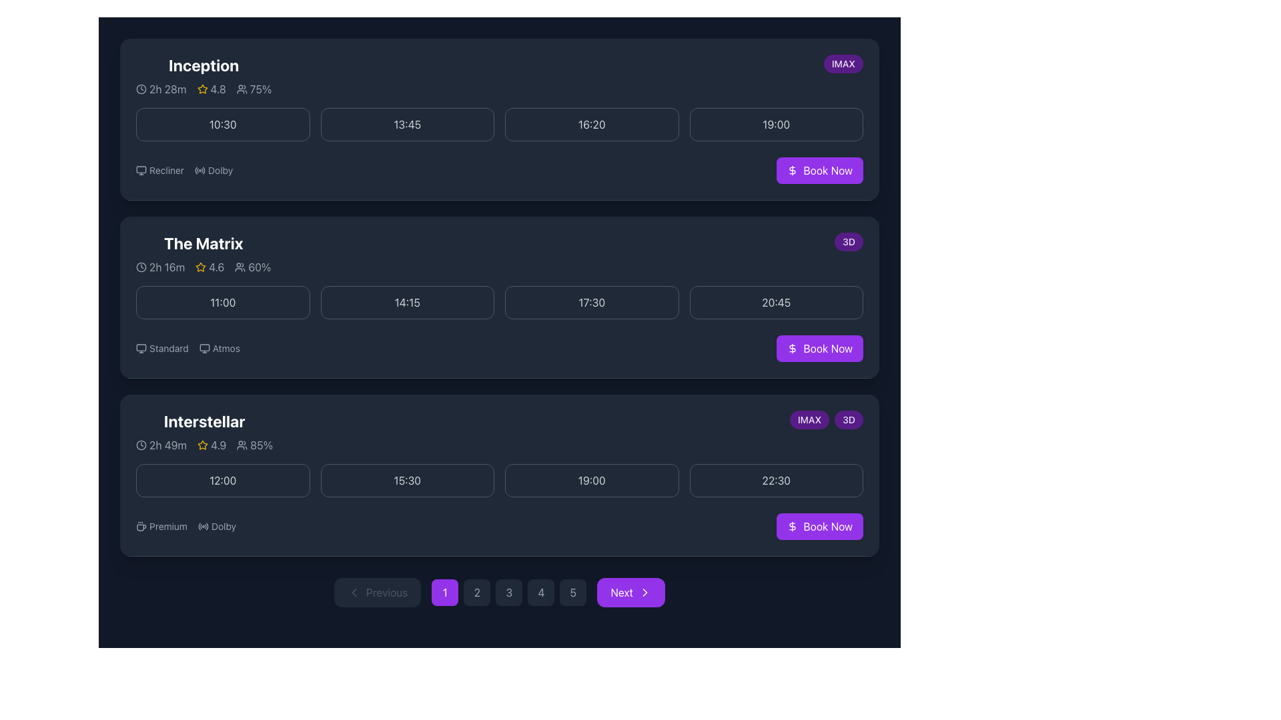  Describe the element at coordinates (242, 89) in the screenshot. I see `the group attendees SVG icon located in the header section of the 'Inception' movie card, positioned next to the '75%' percentage text` at that location.